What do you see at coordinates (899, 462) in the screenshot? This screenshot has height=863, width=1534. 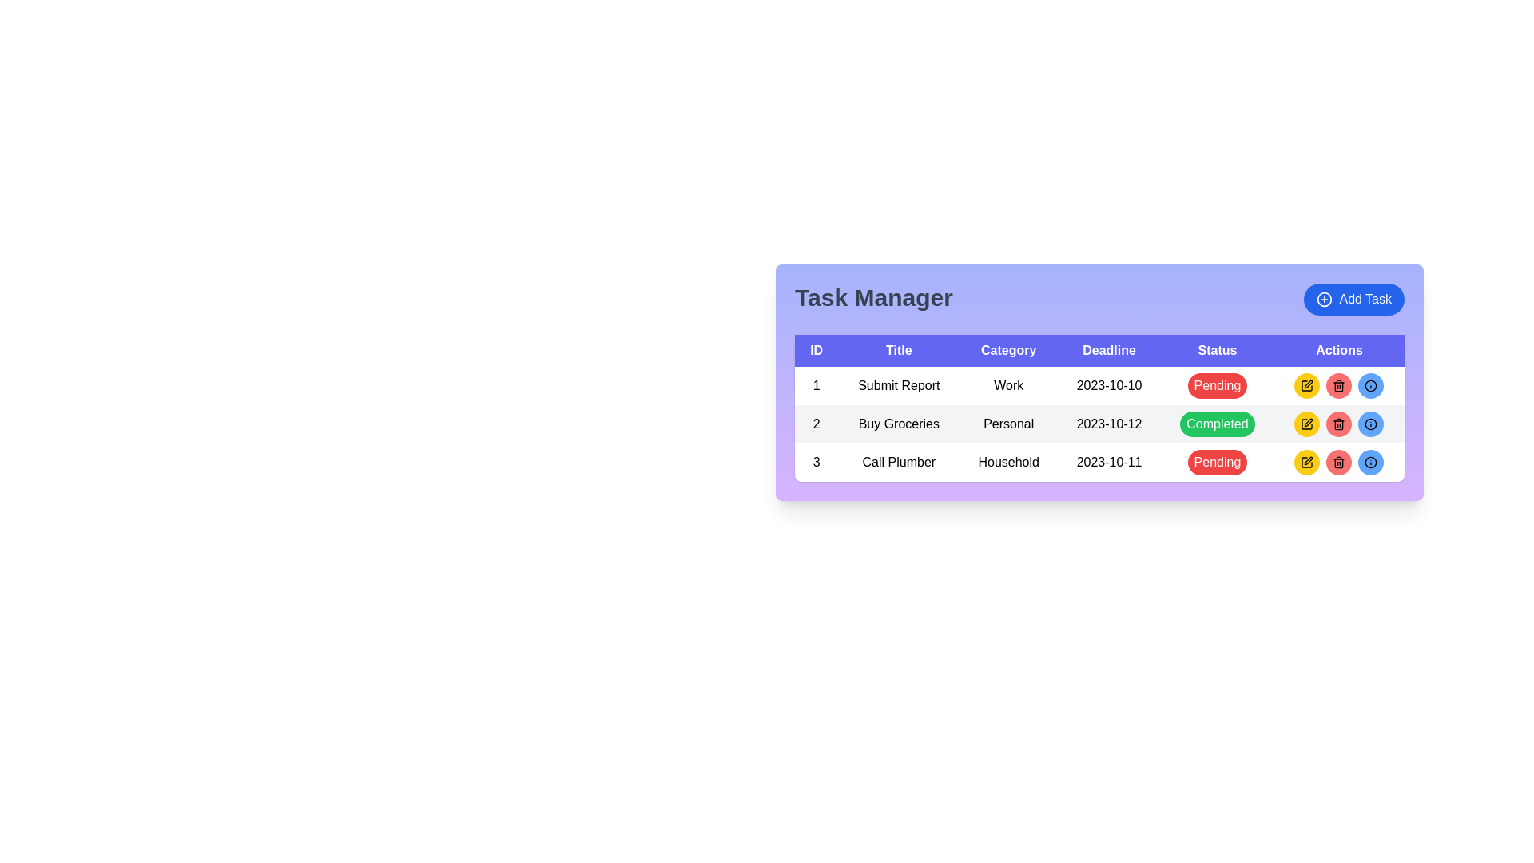 I see `the Text Label in the third row under the 'Title' column of the 'Task Manager' table, which displays the title or summary of the task` at bounding box center [899, 462].